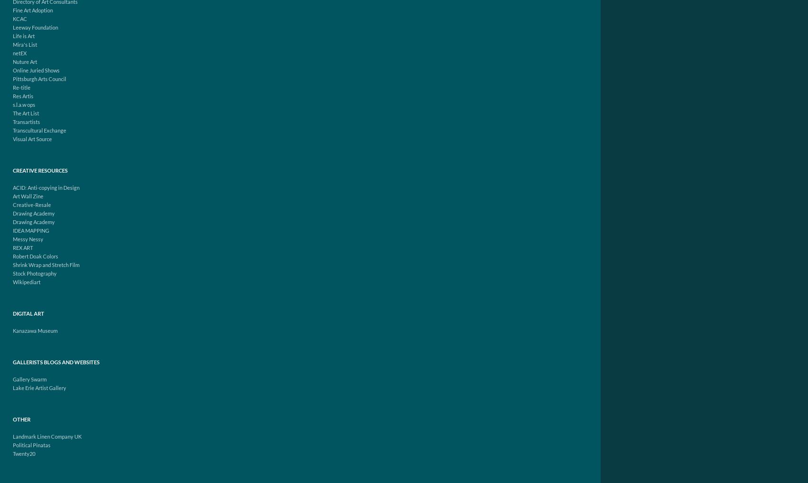 This screenshot has width=808, height=483. Describe the element at coordinates (12, 313) in the screenshot. I see `'Digital Art'` at that location.